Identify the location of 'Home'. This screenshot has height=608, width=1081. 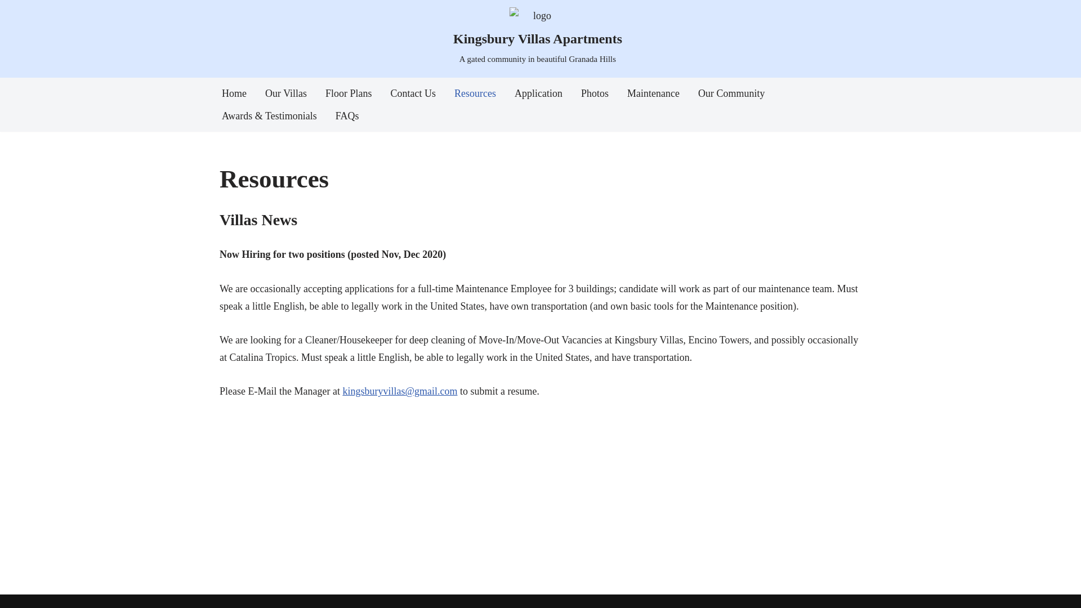
(234, 92).